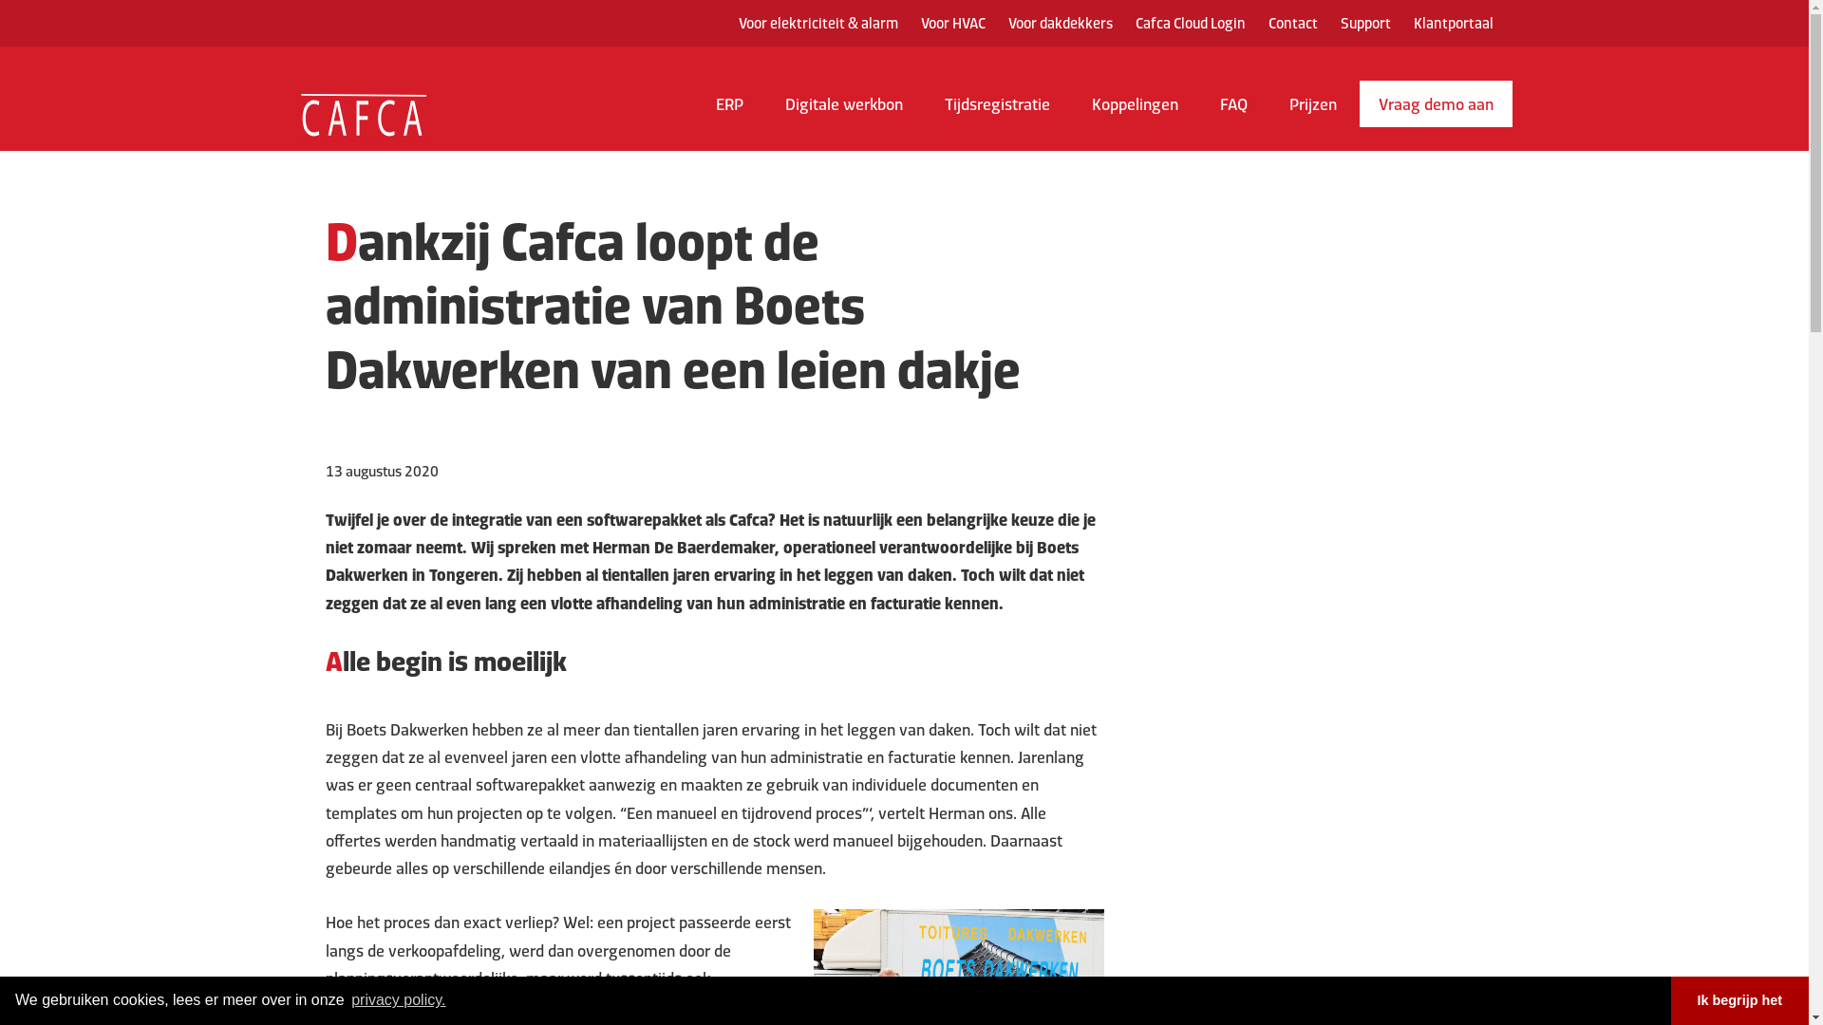 This screenshot has width=1823, height=1025. Describe the element at coordinates (1311, 112) in the screenshot. I see `'Prijzen'` at that location.